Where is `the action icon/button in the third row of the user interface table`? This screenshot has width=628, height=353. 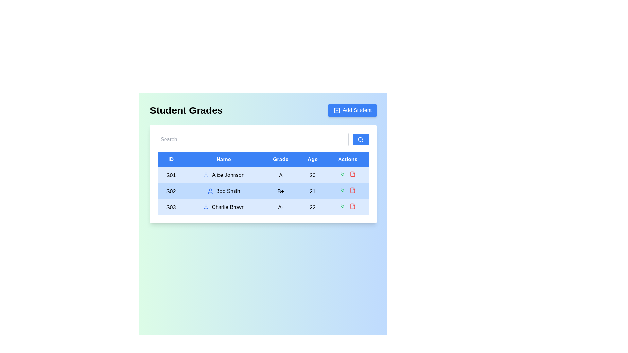
the action icon/button in the third row of the user interface table is located at coordinates (352, 174).